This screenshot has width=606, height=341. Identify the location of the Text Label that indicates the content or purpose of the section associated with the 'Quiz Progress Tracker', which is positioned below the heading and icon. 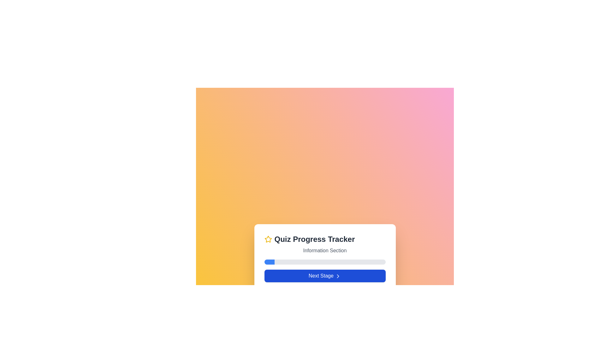
(325, 250).